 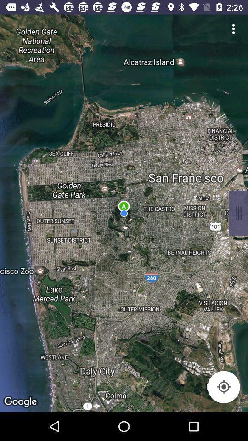 I want to click on the item at the center, so click(x=124, y=213).